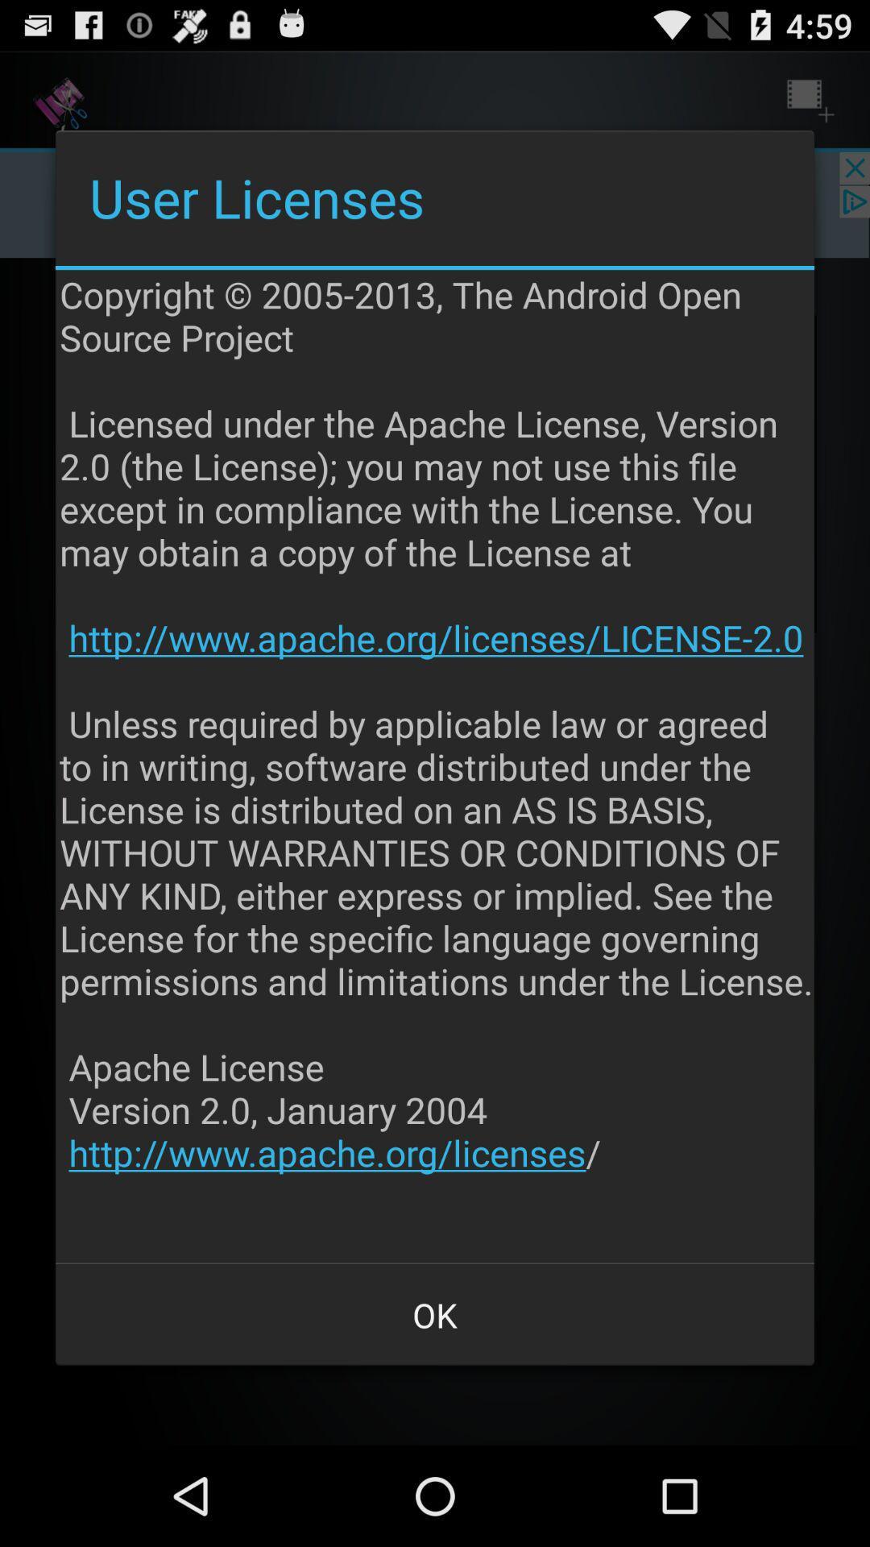 This screenshot has height=1547, width=870. Describe the element at coordinates (435, 1315) in the screenshot. I see `button at the bottom` at that location.